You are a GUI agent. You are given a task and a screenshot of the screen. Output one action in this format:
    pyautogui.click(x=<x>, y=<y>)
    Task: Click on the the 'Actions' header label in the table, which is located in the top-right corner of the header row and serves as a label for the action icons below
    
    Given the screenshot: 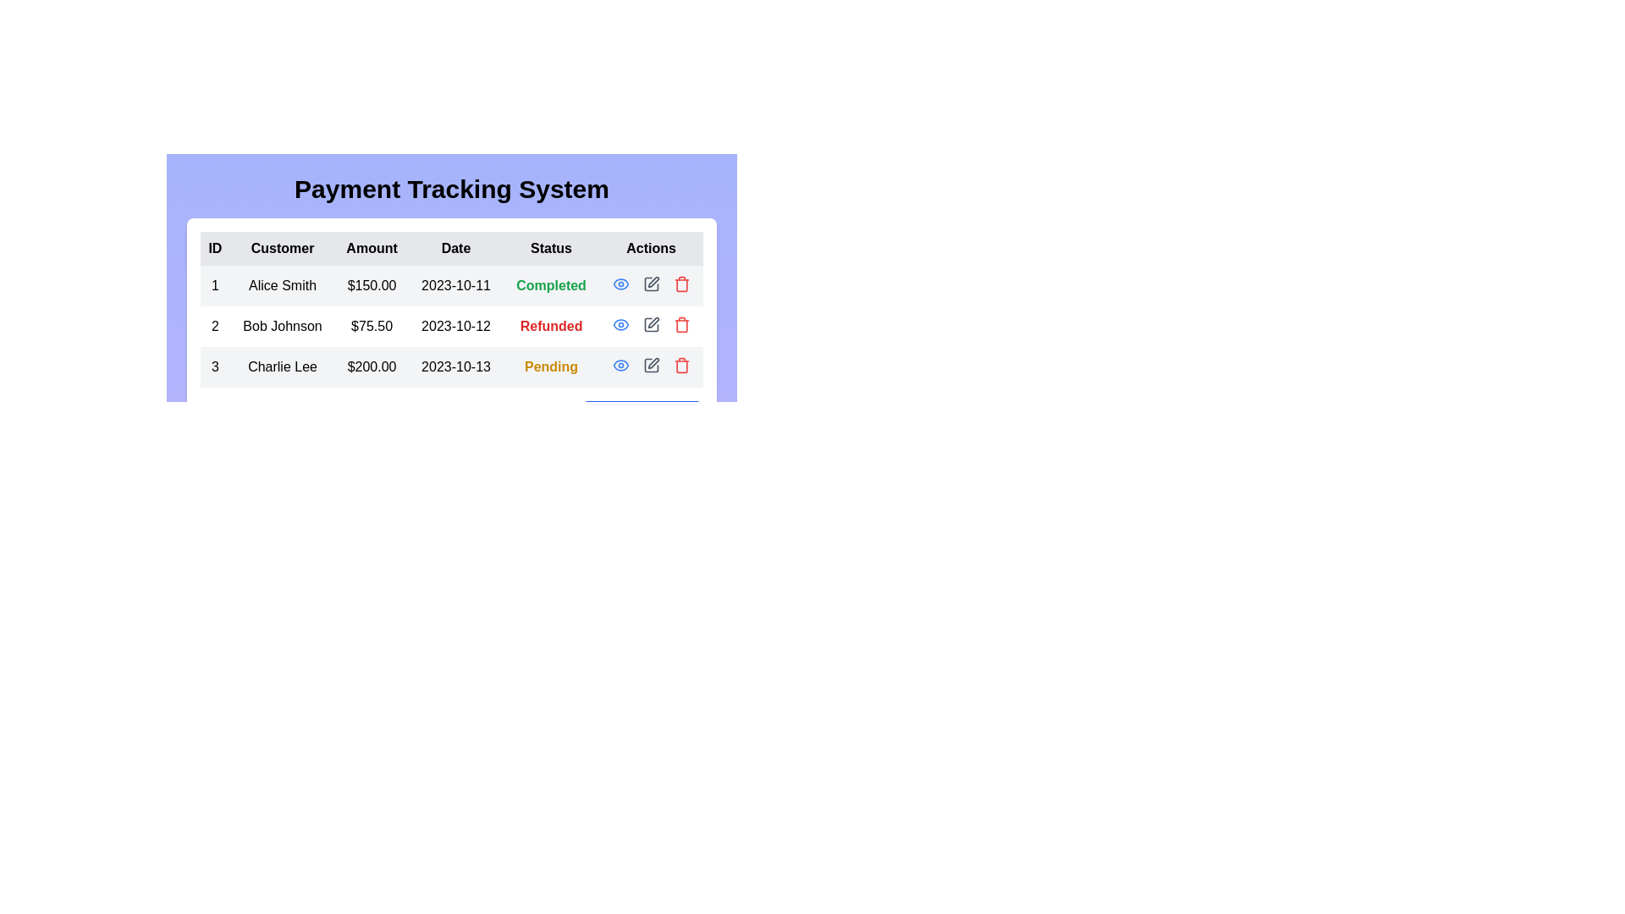 What is the action you would take?
    pyautogui.click(x=650, y=248)
    